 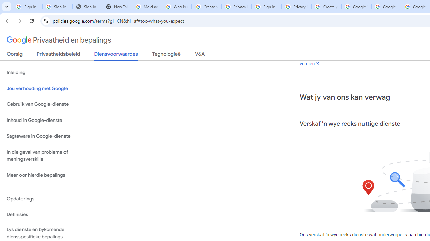 I want to click on 'Diensvoorwaardes', so click(x=116, y=55).